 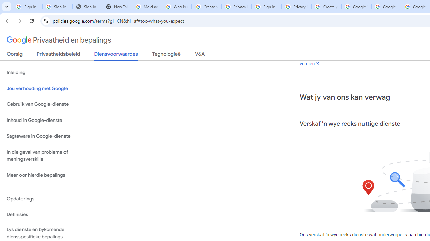 I want to click on 'Diensvoorwaardes', so click(x=116, y=55).